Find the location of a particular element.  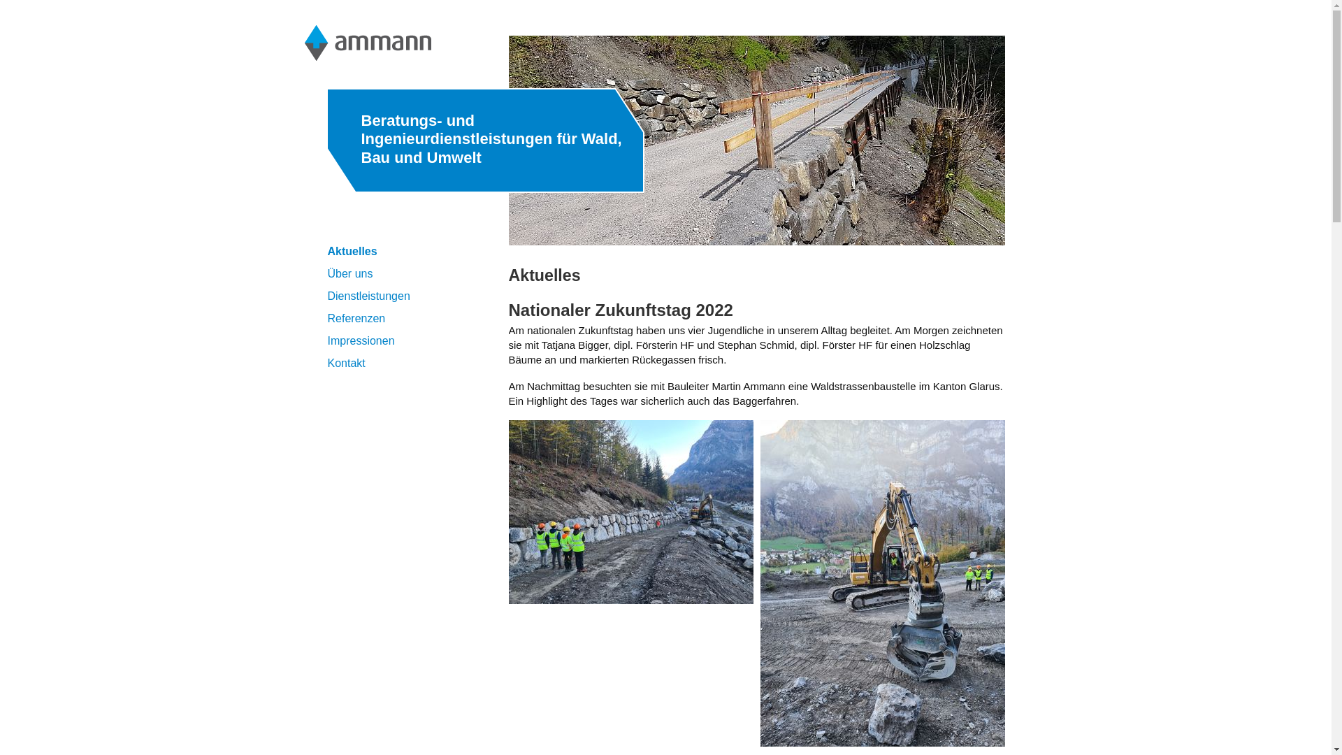

'Referenzen' is located at coordinates (326, 318).